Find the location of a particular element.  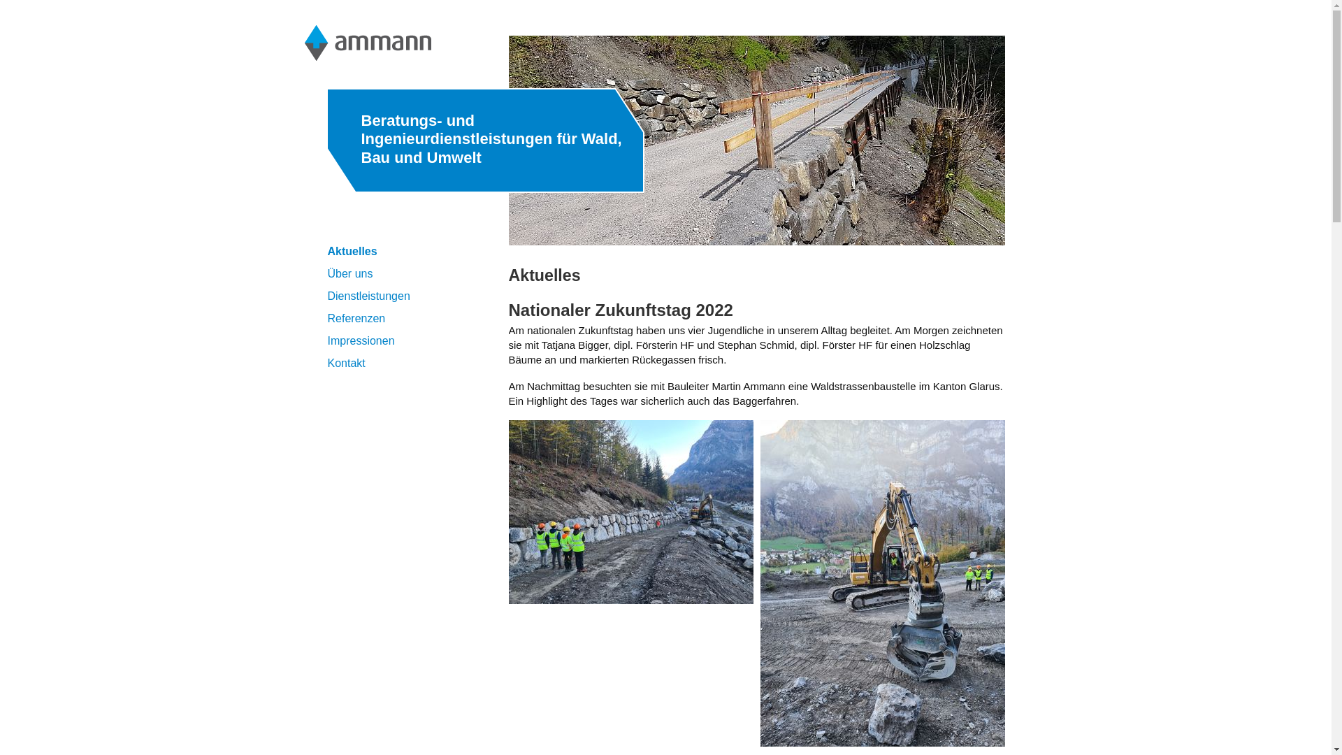

'Referenzen' is located at coordinates (326, 318).